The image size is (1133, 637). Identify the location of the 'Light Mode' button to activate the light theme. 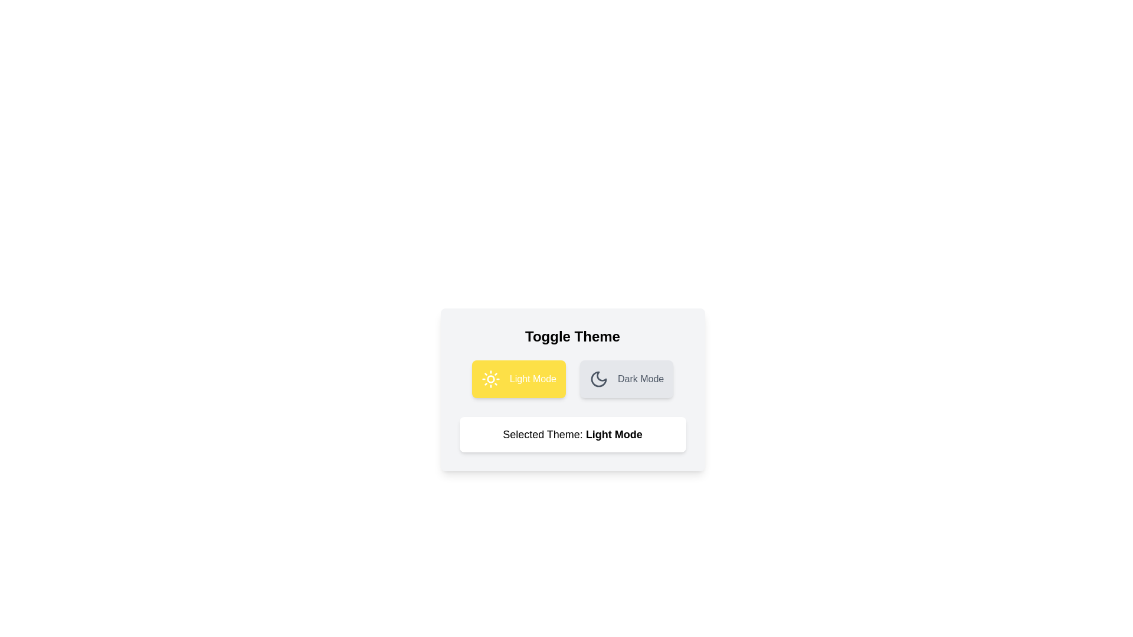
(518, 379).